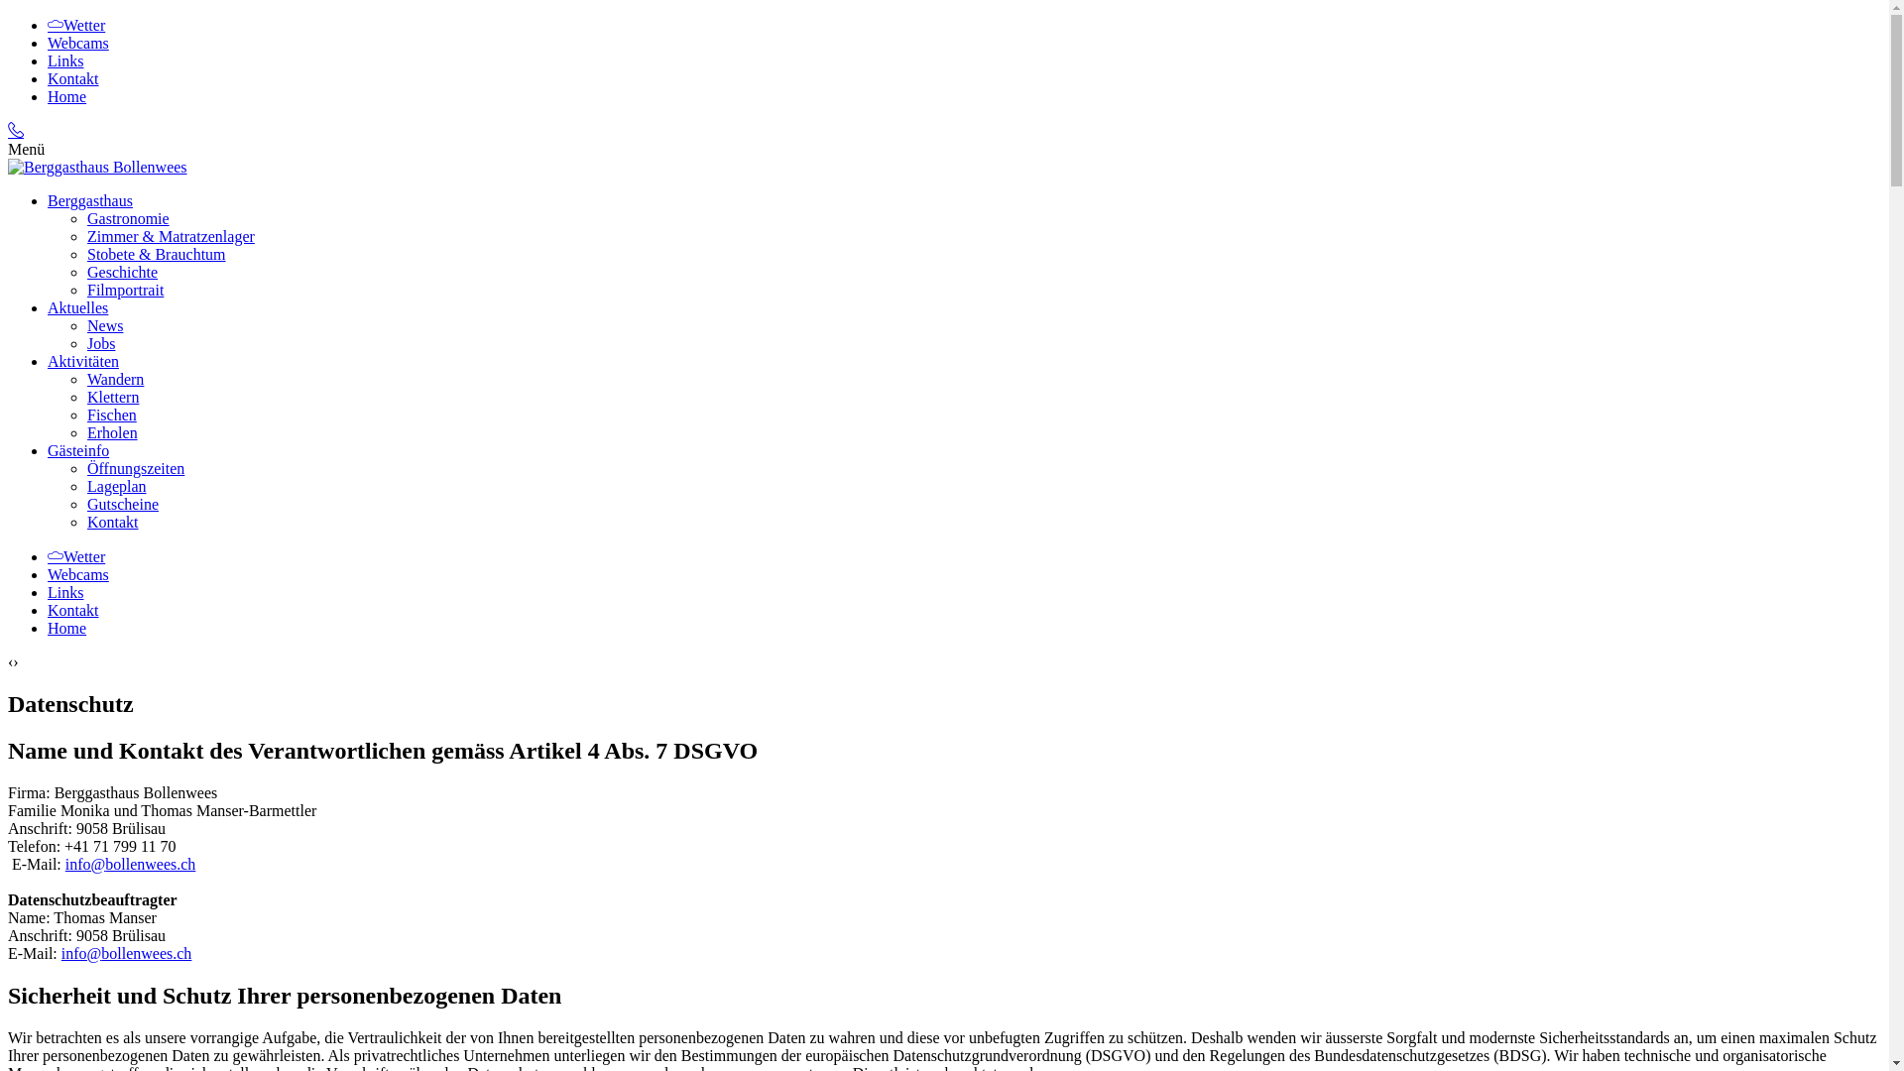 The height and width of the screenshot is (1071, 1904). I want to click on 'Erholen', so click(111, 431).